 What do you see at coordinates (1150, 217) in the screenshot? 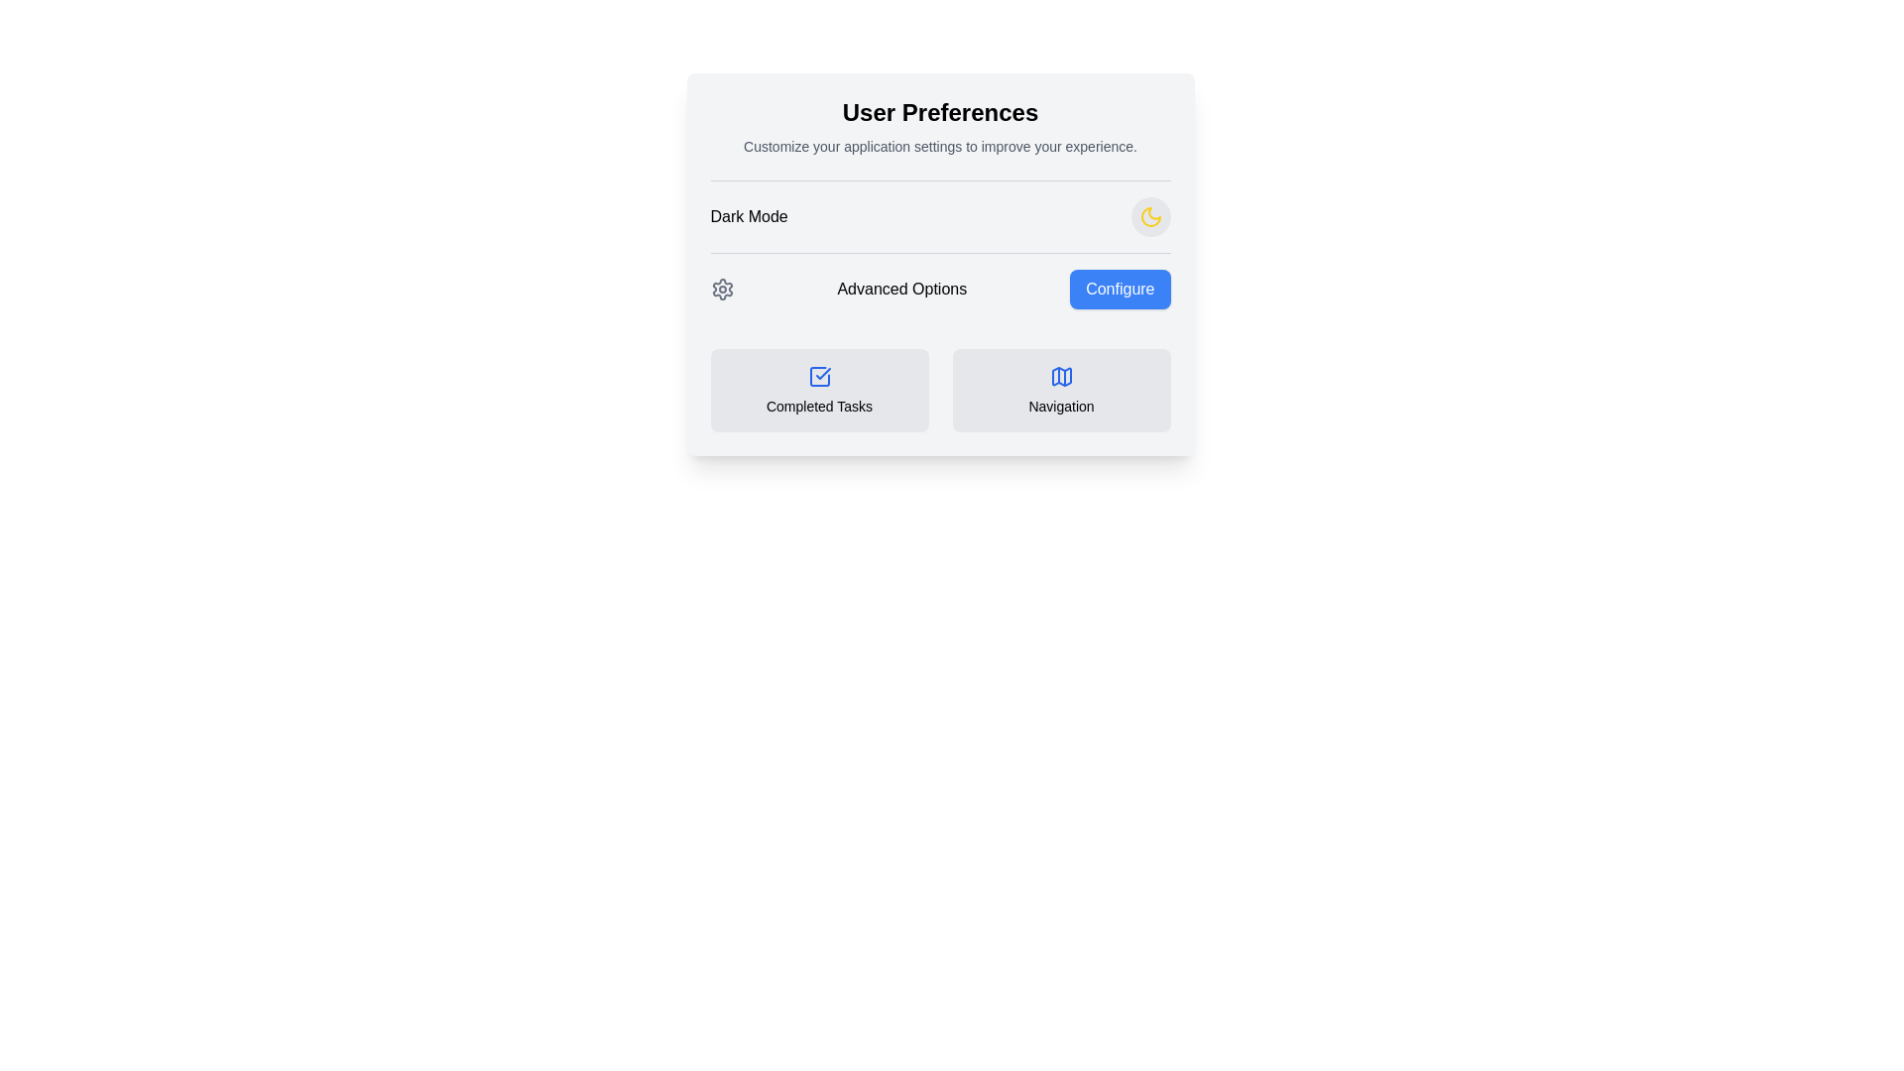
I see `the toggle button for switching between light and dark modes, located` at bounding box center [1150, 217].